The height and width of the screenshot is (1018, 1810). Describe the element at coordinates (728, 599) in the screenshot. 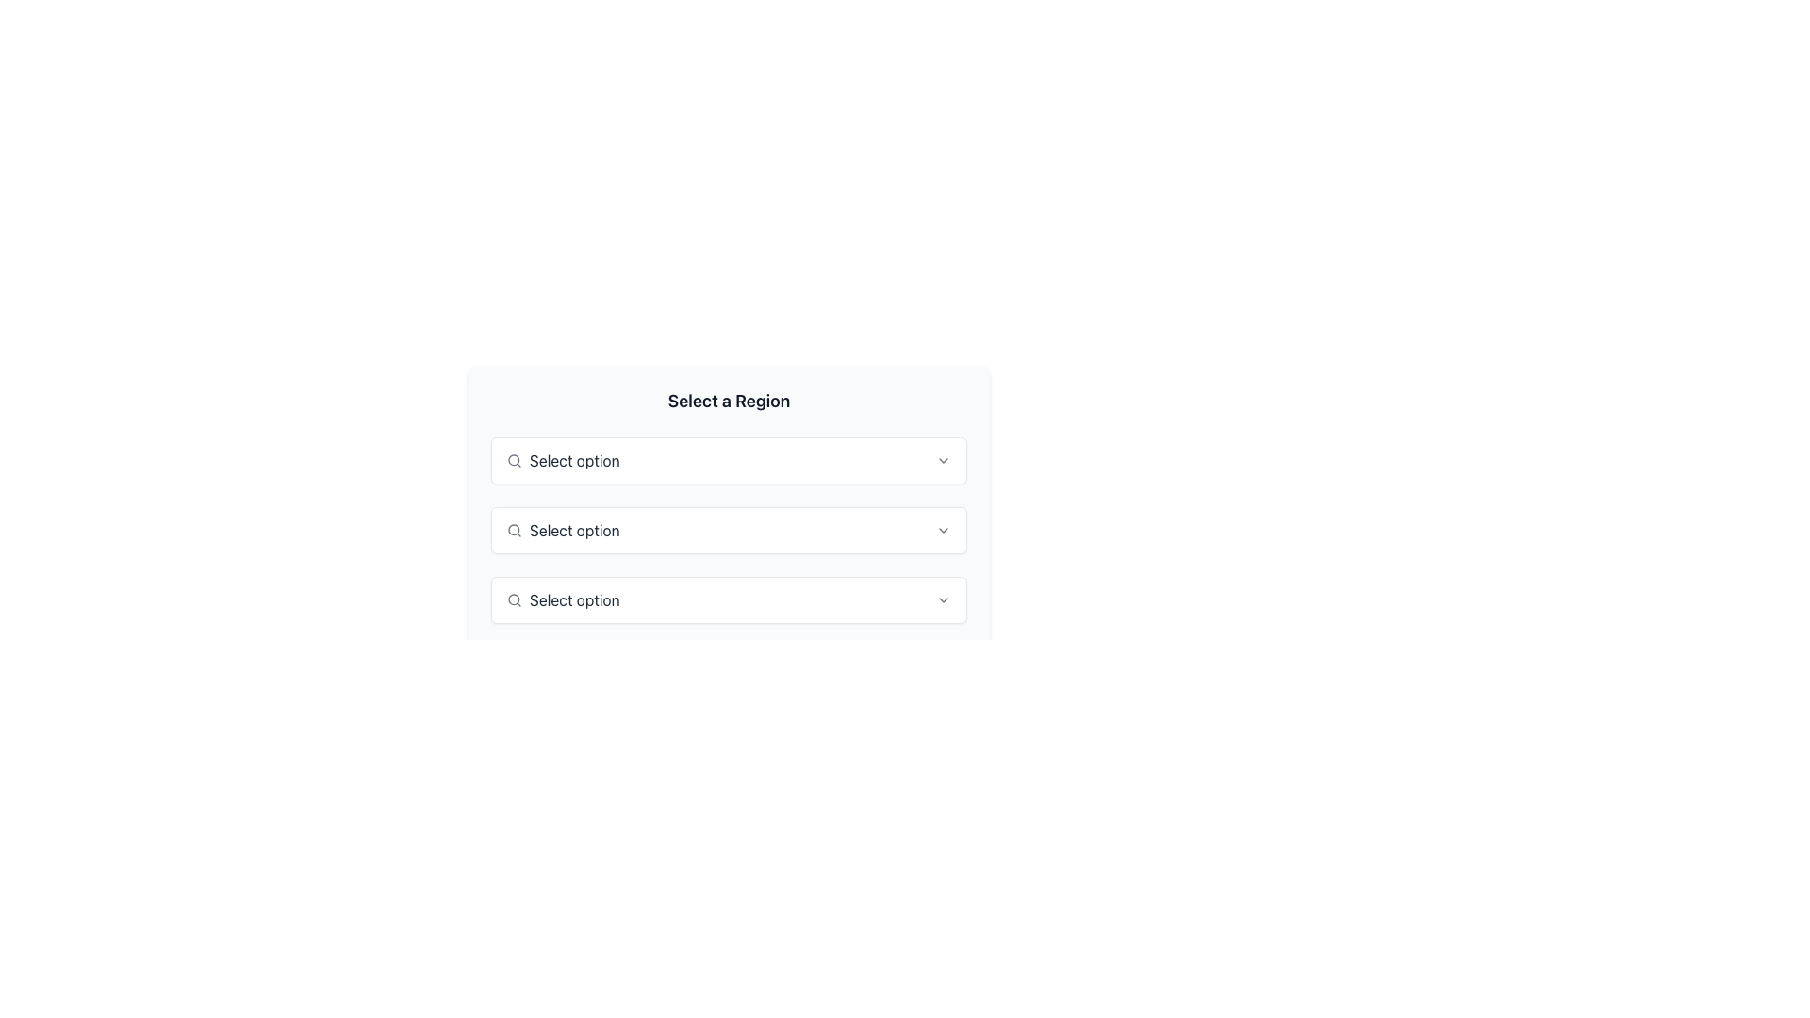

I see `the 'Select option' dropdown menu, which is the third dropdown in the 'Select a Region' section` at that location.